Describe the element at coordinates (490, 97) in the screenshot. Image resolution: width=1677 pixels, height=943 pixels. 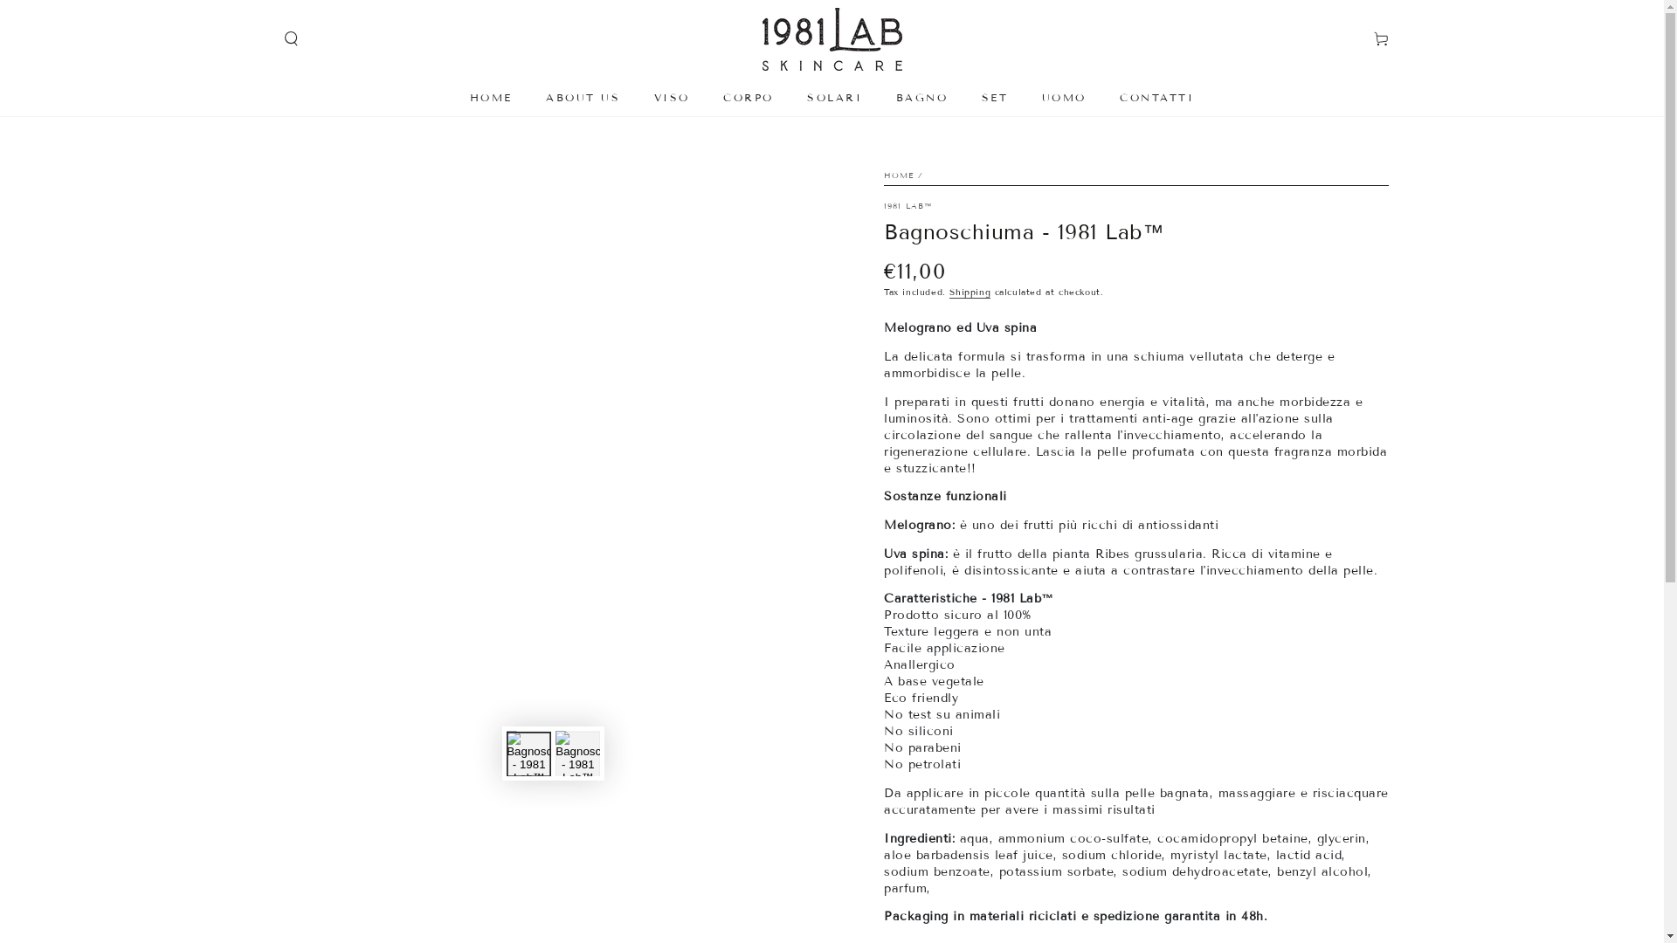
I see `'HOME'` at that location.